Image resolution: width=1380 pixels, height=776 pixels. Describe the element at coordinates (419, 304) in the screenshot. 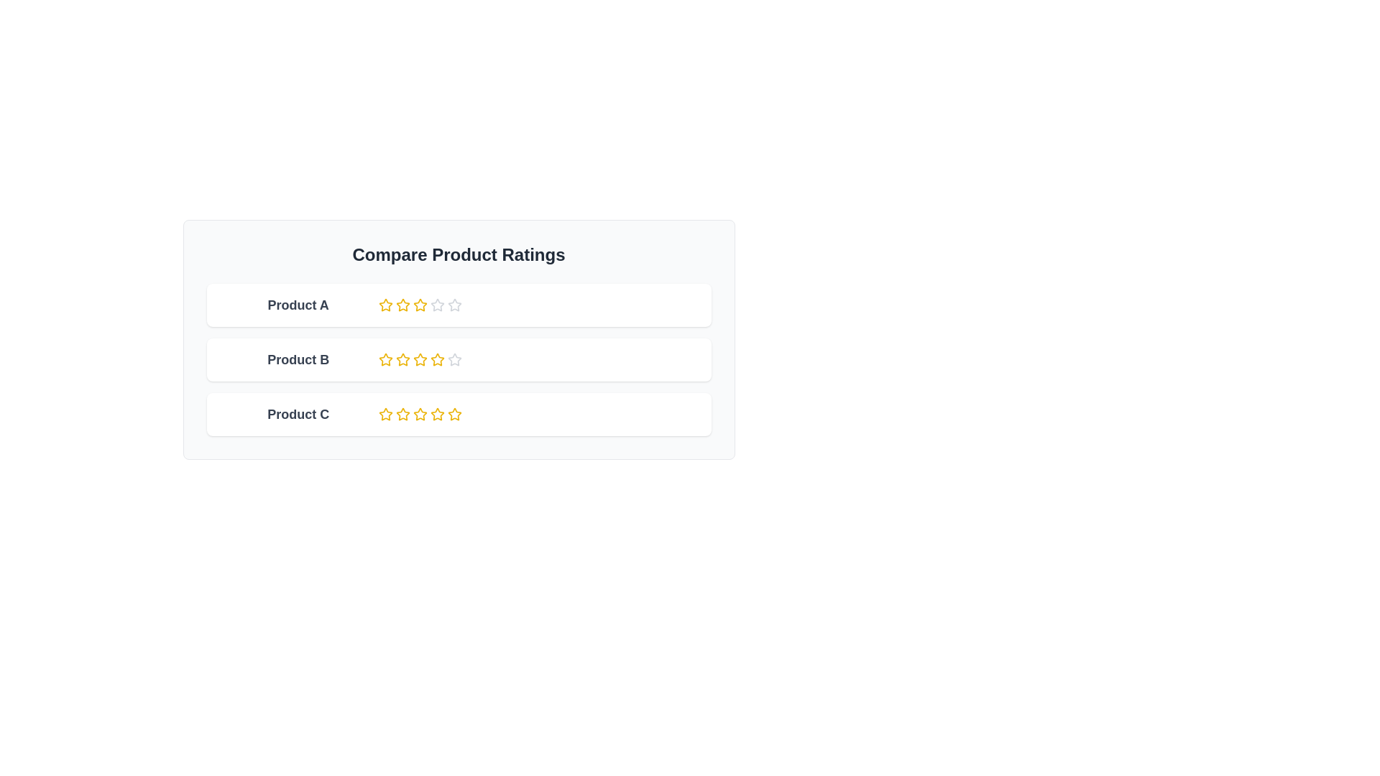

I see `the third star icon in the rating bar for 'Product A', positioned in the top row of the rating table` at that location.